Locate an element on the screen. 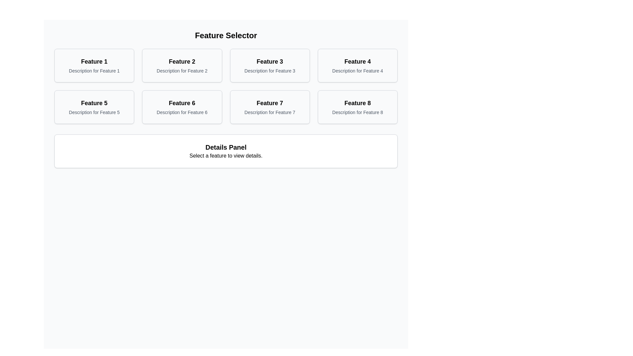 Image resolution: width=633 pixels, height=356 pixels. the static text providing information related to 'Feature 4', which is located below the main heading and is centrally aligned within its box is located at coordinates (357, 71).